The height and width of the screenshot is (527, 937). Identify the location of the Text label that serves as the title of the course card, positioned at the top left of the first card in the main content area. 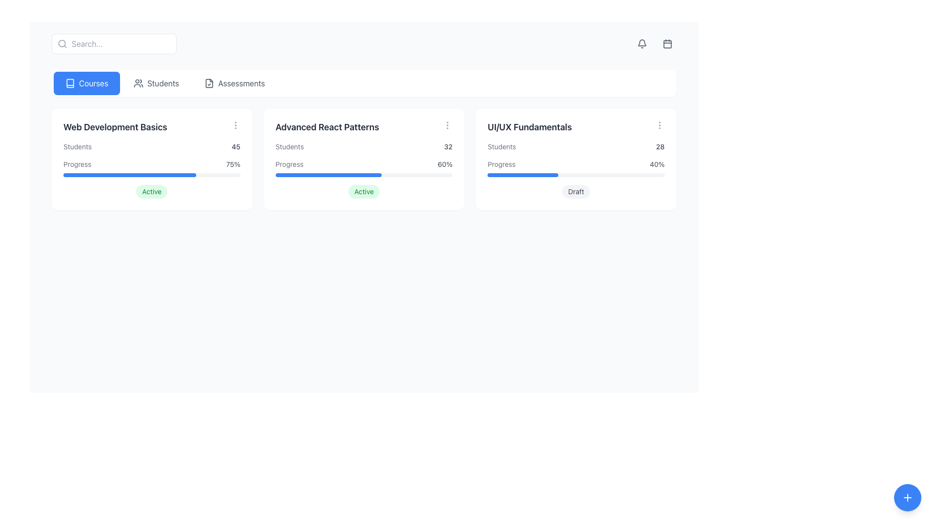
(115, 127).